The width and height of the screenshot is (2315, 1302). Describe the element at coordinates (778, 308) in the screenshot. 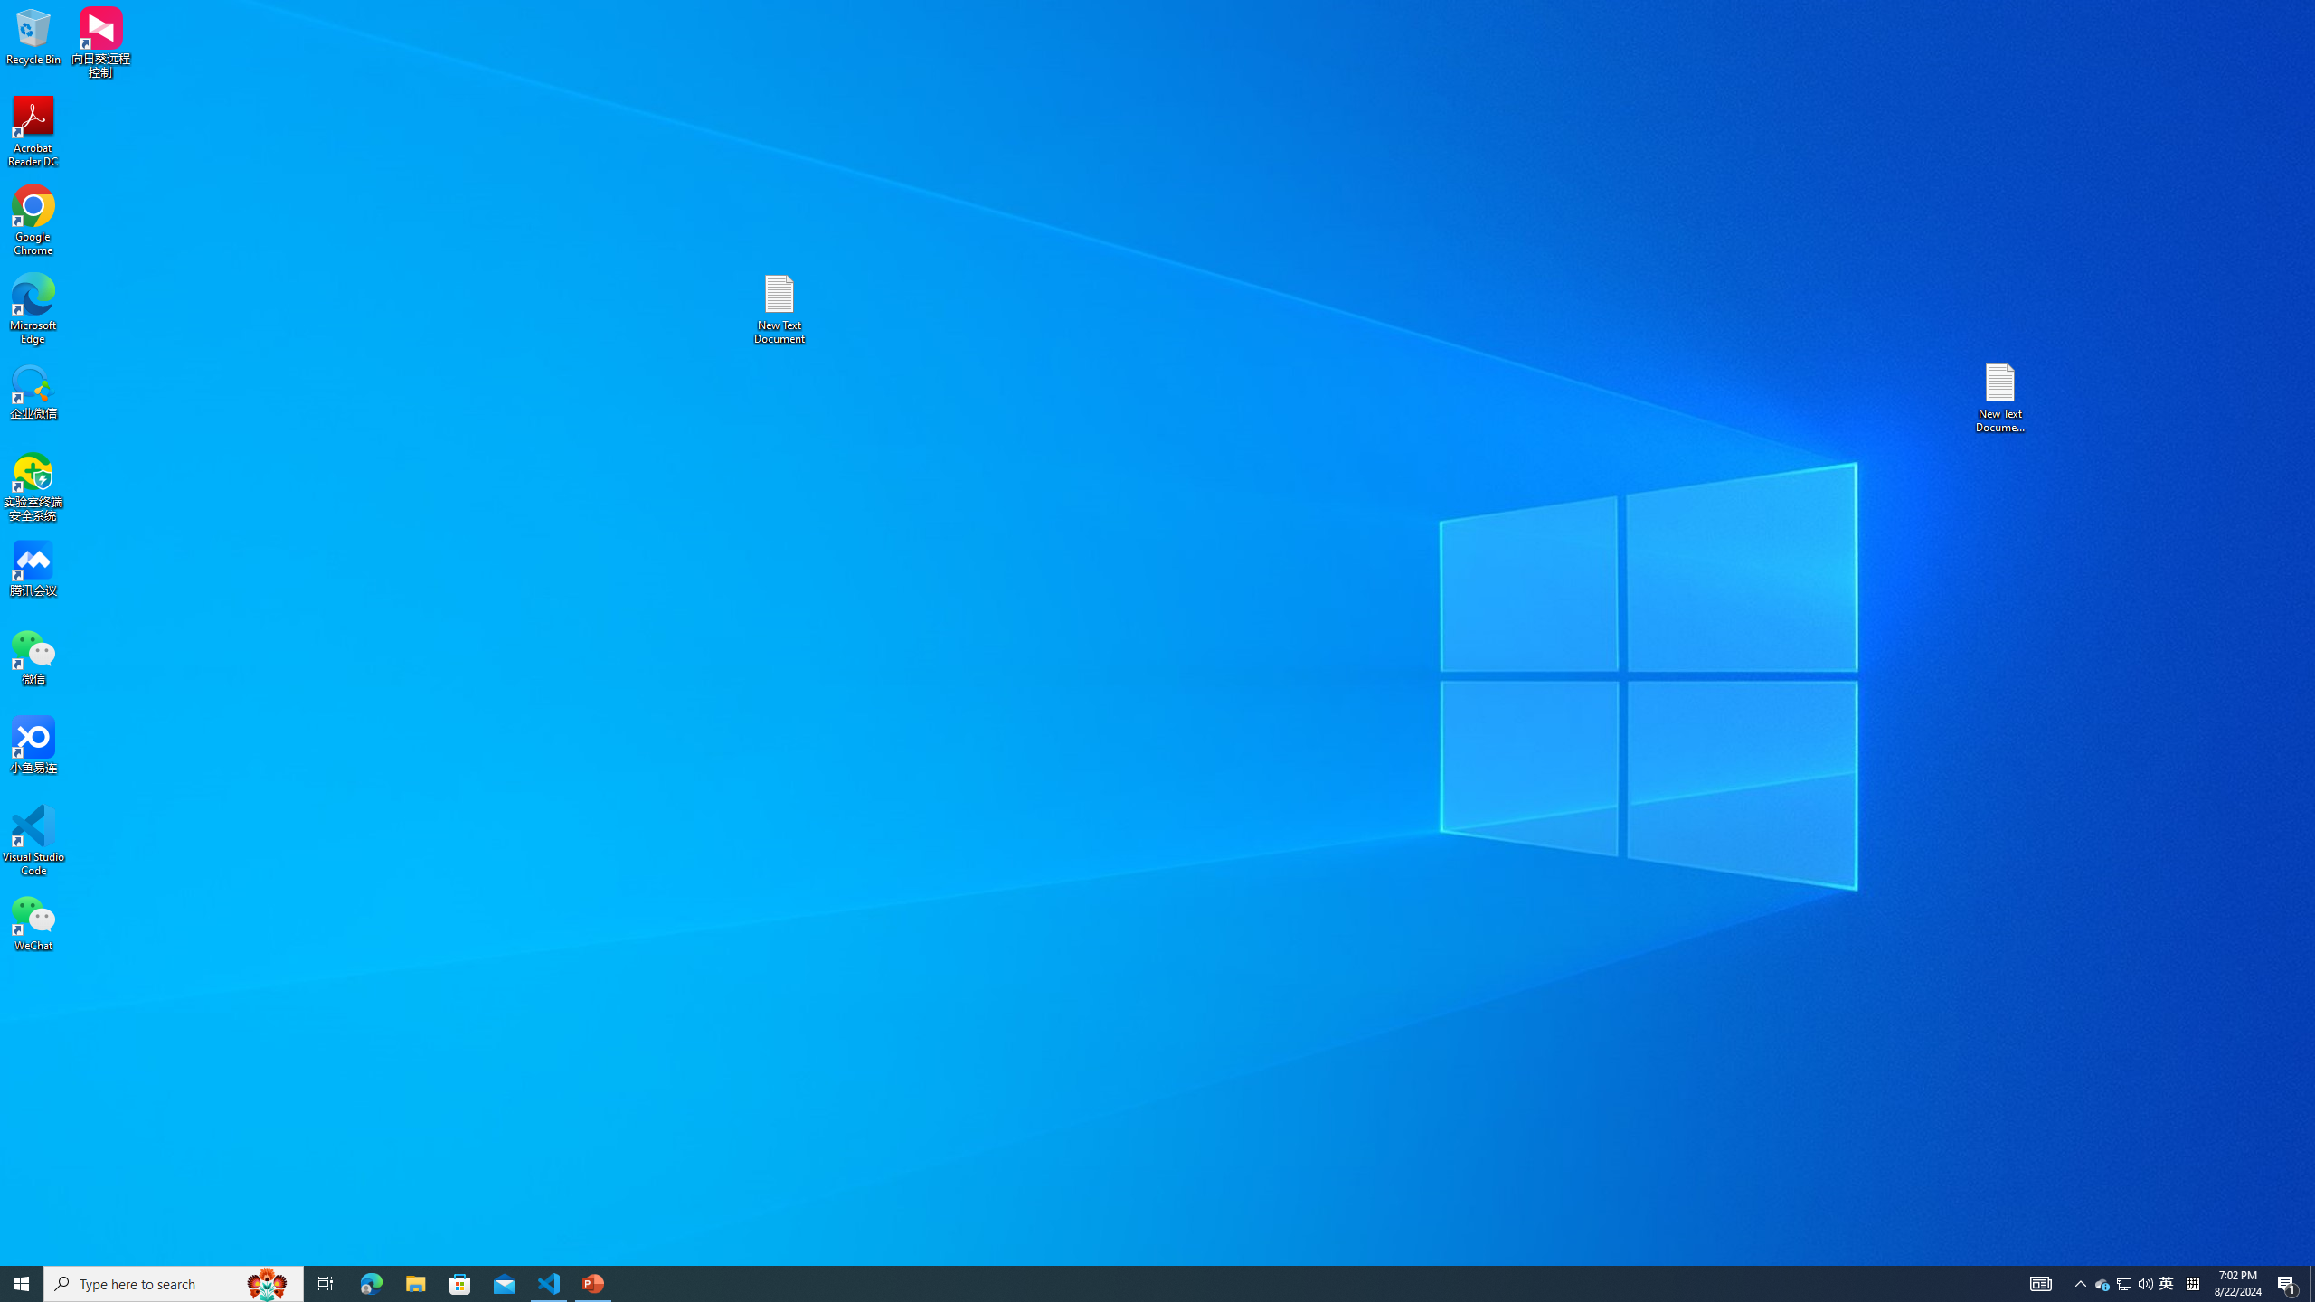

I see `'New Text Document'` at that location.